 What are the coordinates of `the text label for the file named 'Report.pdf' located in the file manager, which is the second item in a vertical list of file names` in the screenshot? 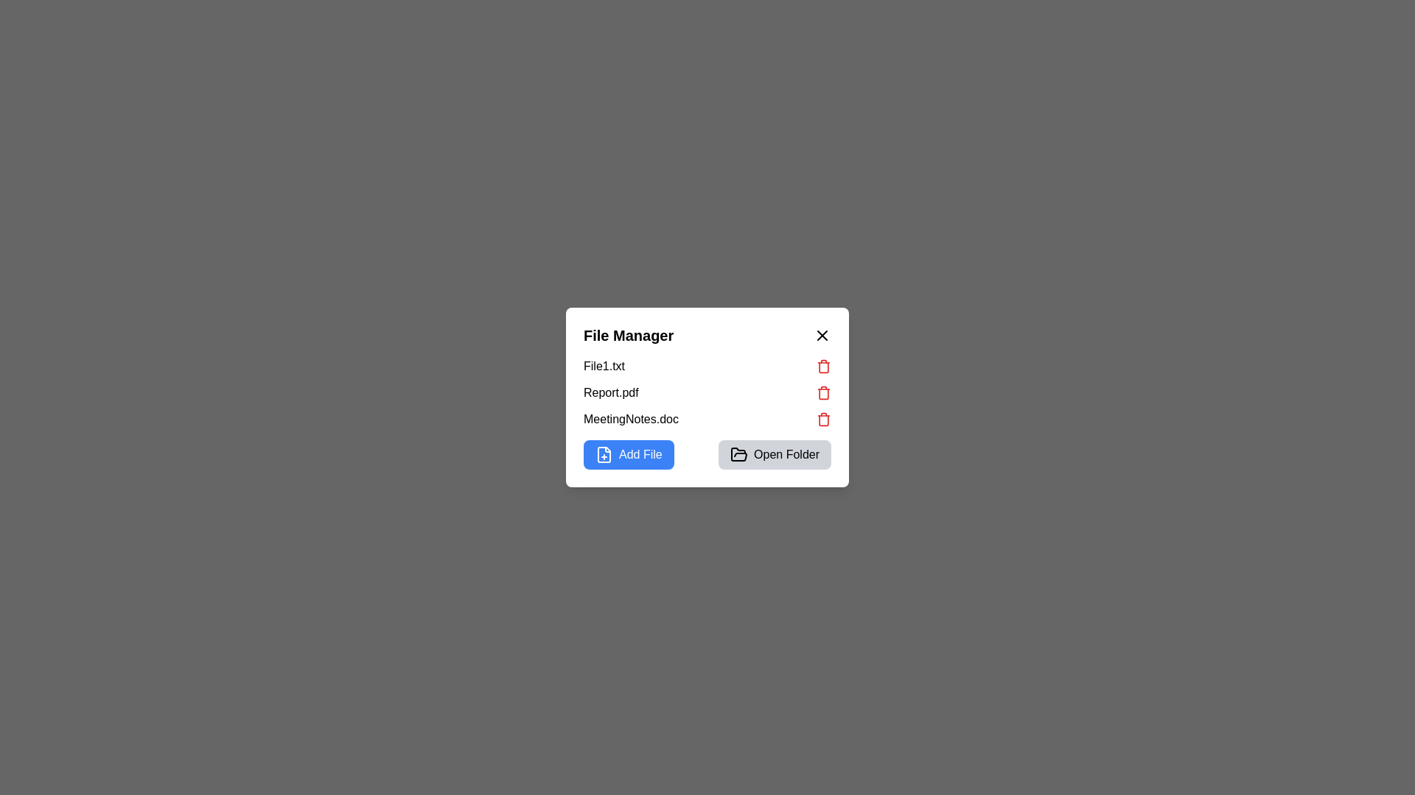 It's located at (611, 392).